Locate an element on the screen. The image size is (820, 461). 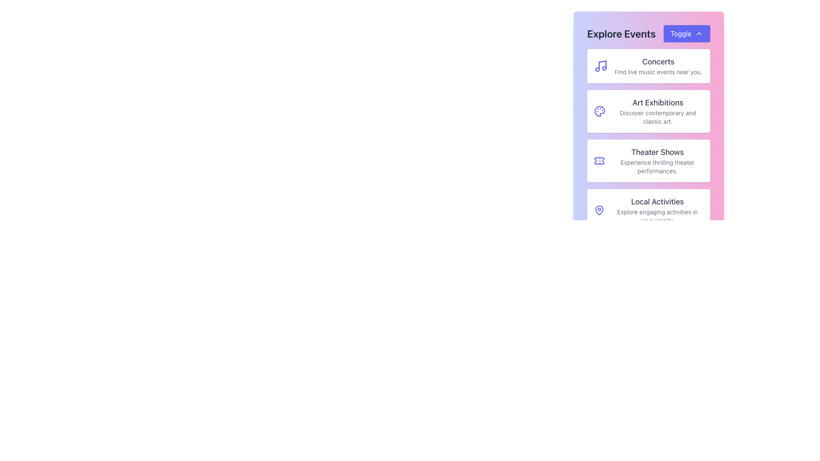
the second card representing art exhibitions is located at coordinates (648, 110).